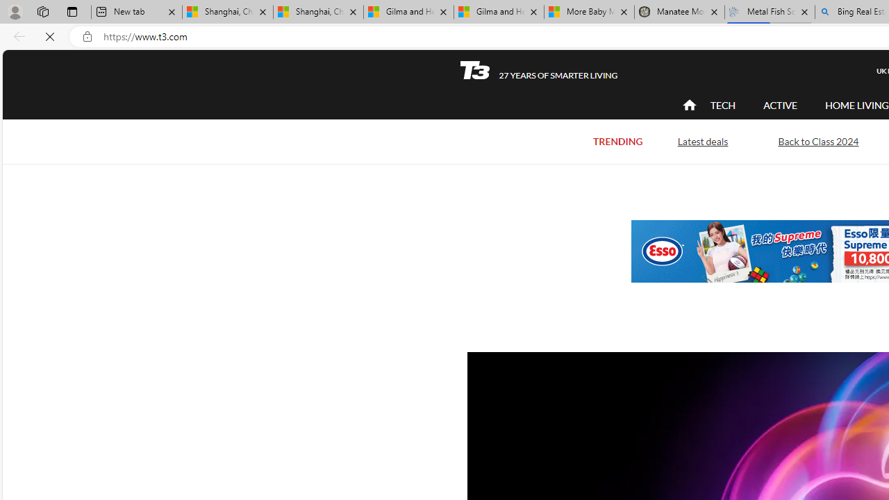  Describe the element at coordinates (722, 104) in the screenshot. I see `'TECH'` at that location.